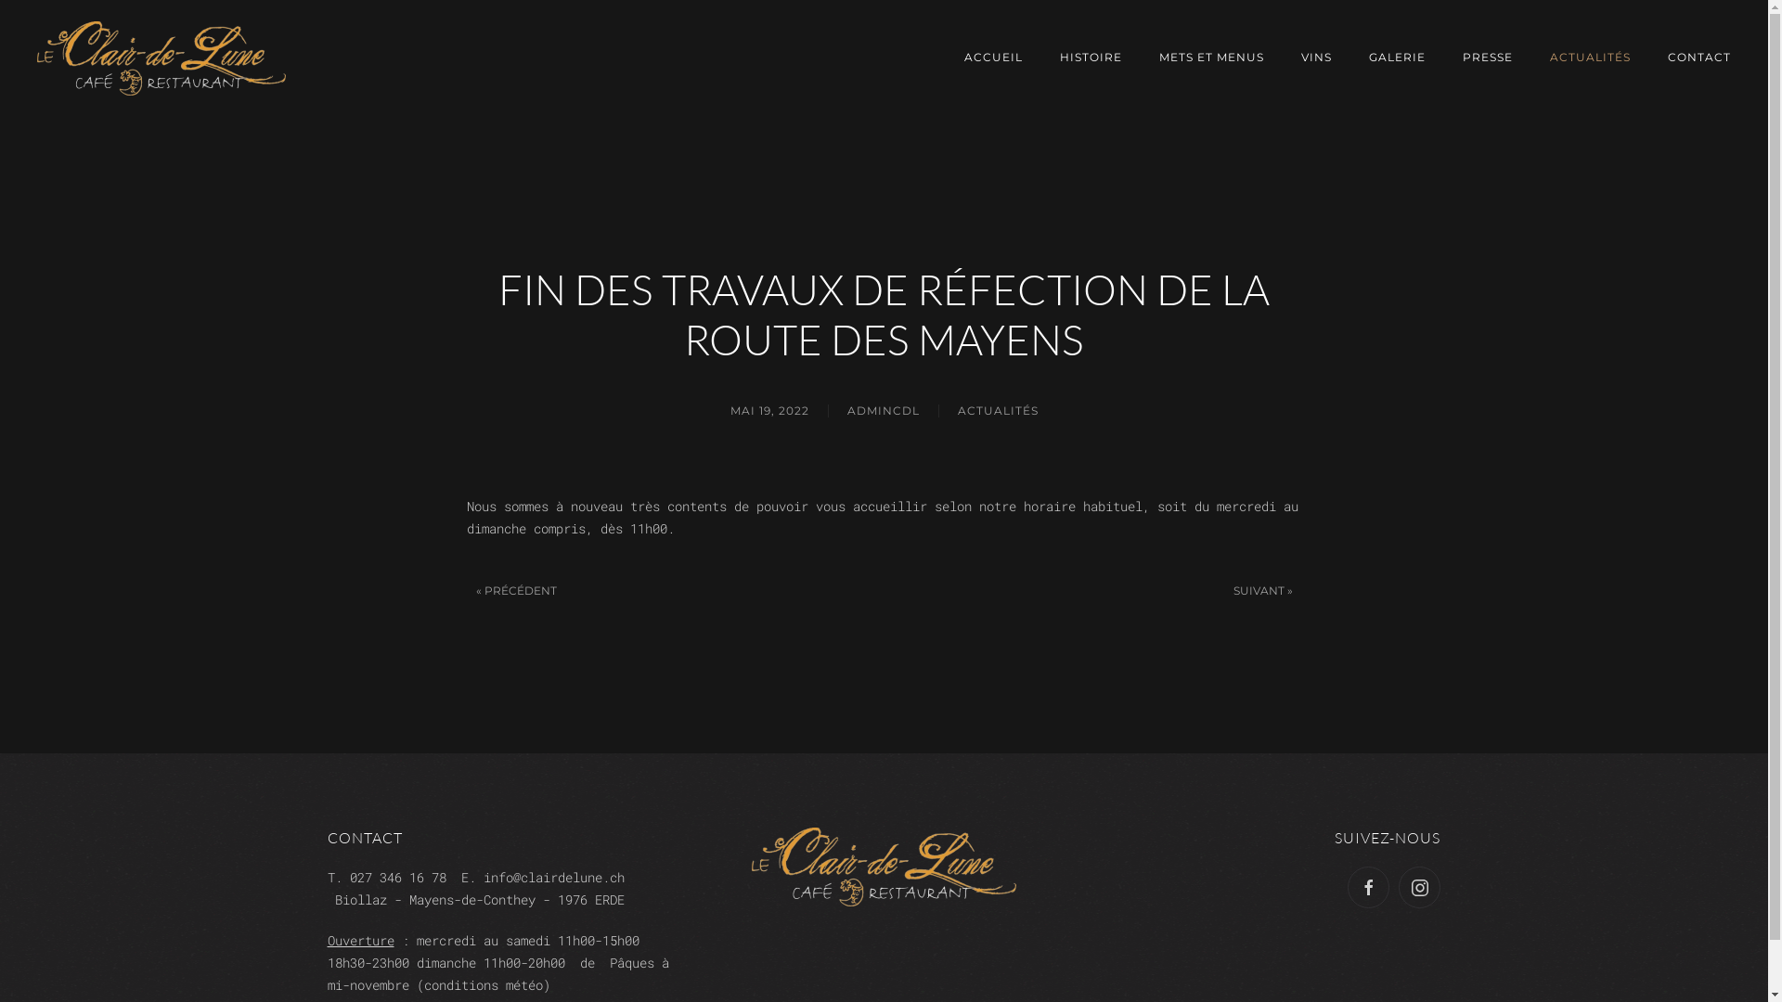  Describe the element at coordinates (1397, 57) in the screenshot. I see `'GALERIE'` at that location.